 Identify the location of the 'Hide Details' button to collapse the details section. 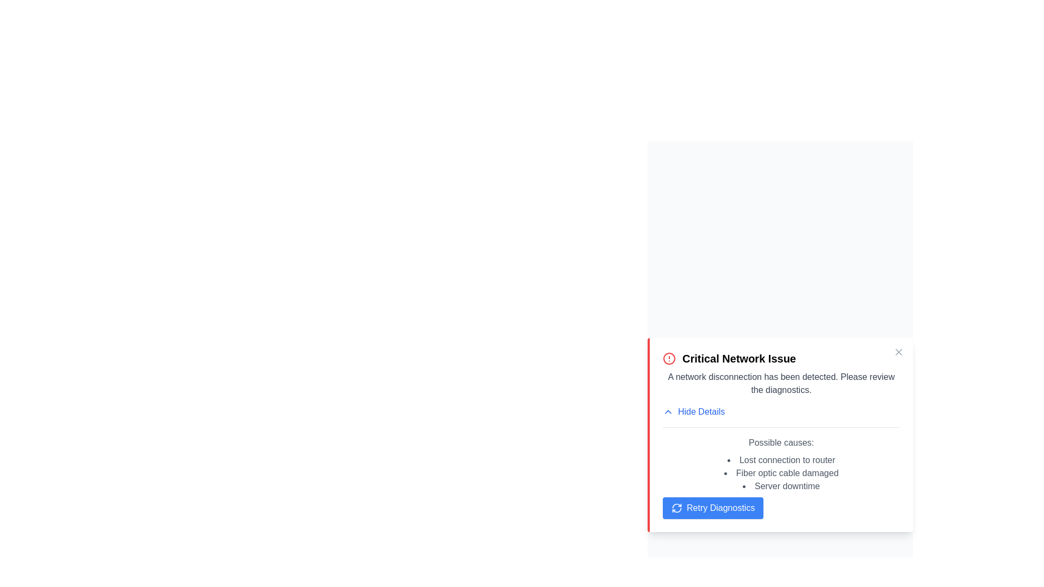
(693, 411).